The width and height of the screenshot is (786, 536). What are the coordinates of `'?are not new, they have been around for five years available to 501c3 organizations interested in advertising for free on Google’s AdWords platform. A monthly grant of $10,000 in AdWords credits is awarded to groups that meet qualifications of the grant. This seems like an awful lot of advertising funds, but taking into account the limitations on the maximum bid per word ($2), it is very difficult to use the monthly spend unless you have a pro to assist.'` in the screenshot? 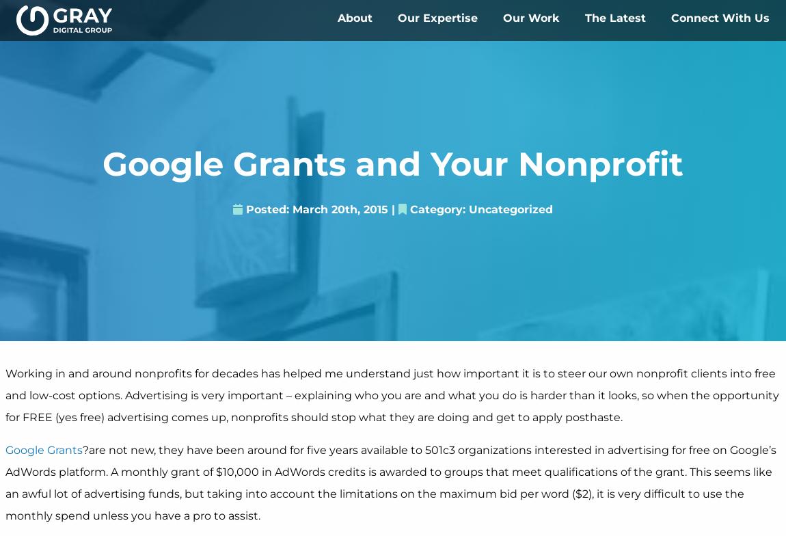 It's located at (391, 482).